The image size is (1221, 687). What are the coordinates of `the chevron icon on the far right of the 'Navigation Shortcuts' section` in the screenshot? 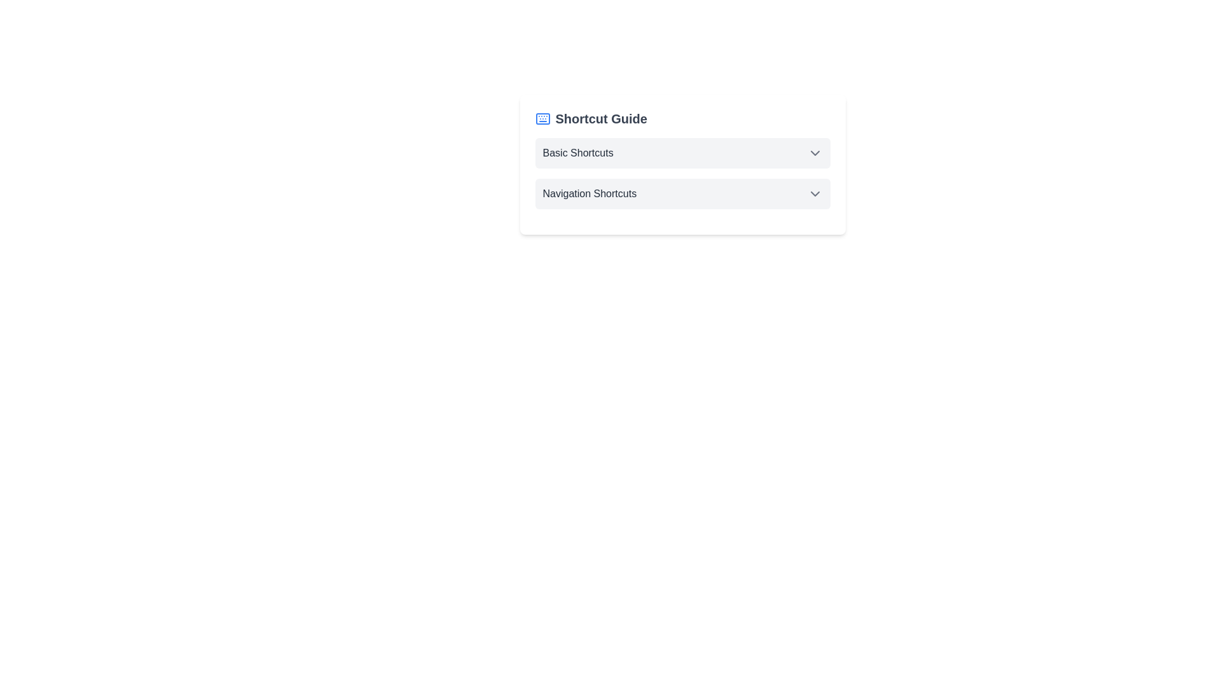 It's located at (815, 193).